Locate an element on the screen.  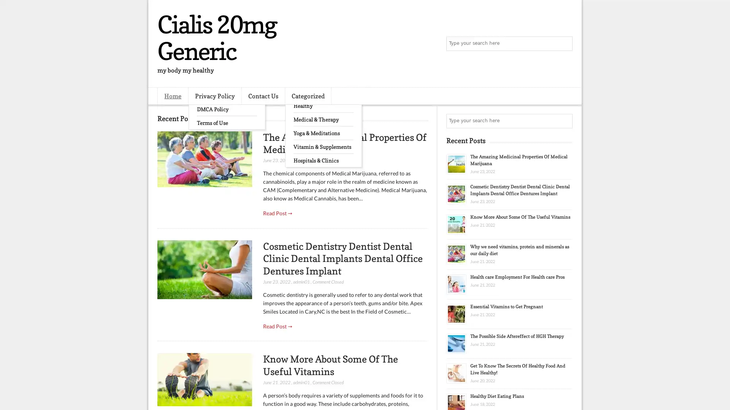
Search is located at coordinates (565, 121).